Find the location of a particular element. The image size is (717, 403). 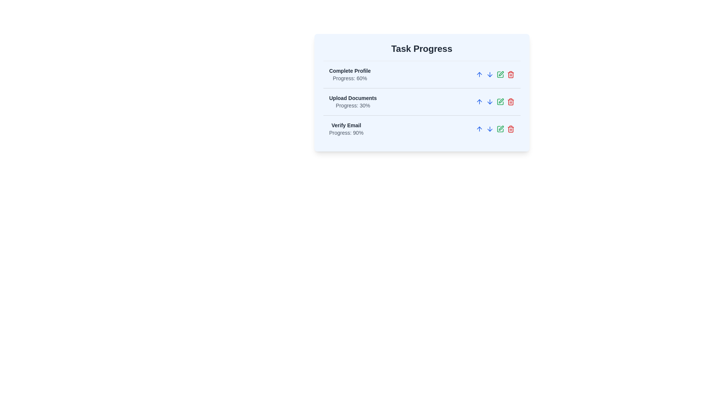

the Progress tracking display is located at coordinates (422, 101).